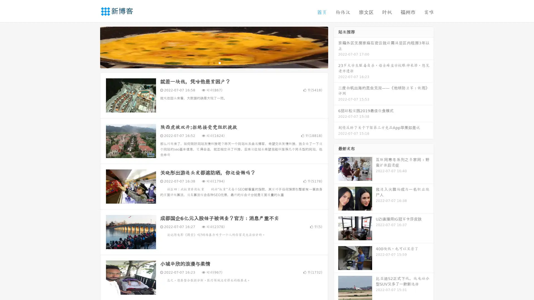 Image resolution: width=534 pixels, height=300 pixels. What do you see at coordinates (336, 47) in the screenshot?
I see `Next slide` at bounding box center [336, 47].